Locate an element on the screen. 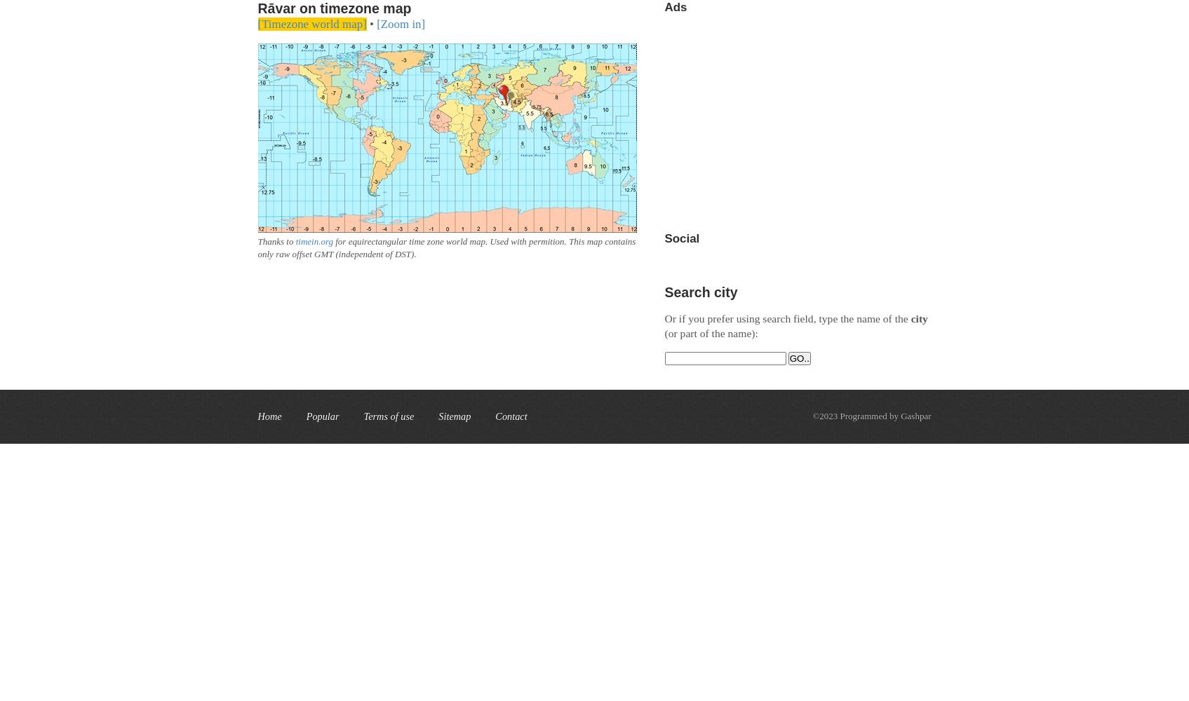 The image size is (1189, 701). '[Timezone world map]' is located at coordinates (311, 24).